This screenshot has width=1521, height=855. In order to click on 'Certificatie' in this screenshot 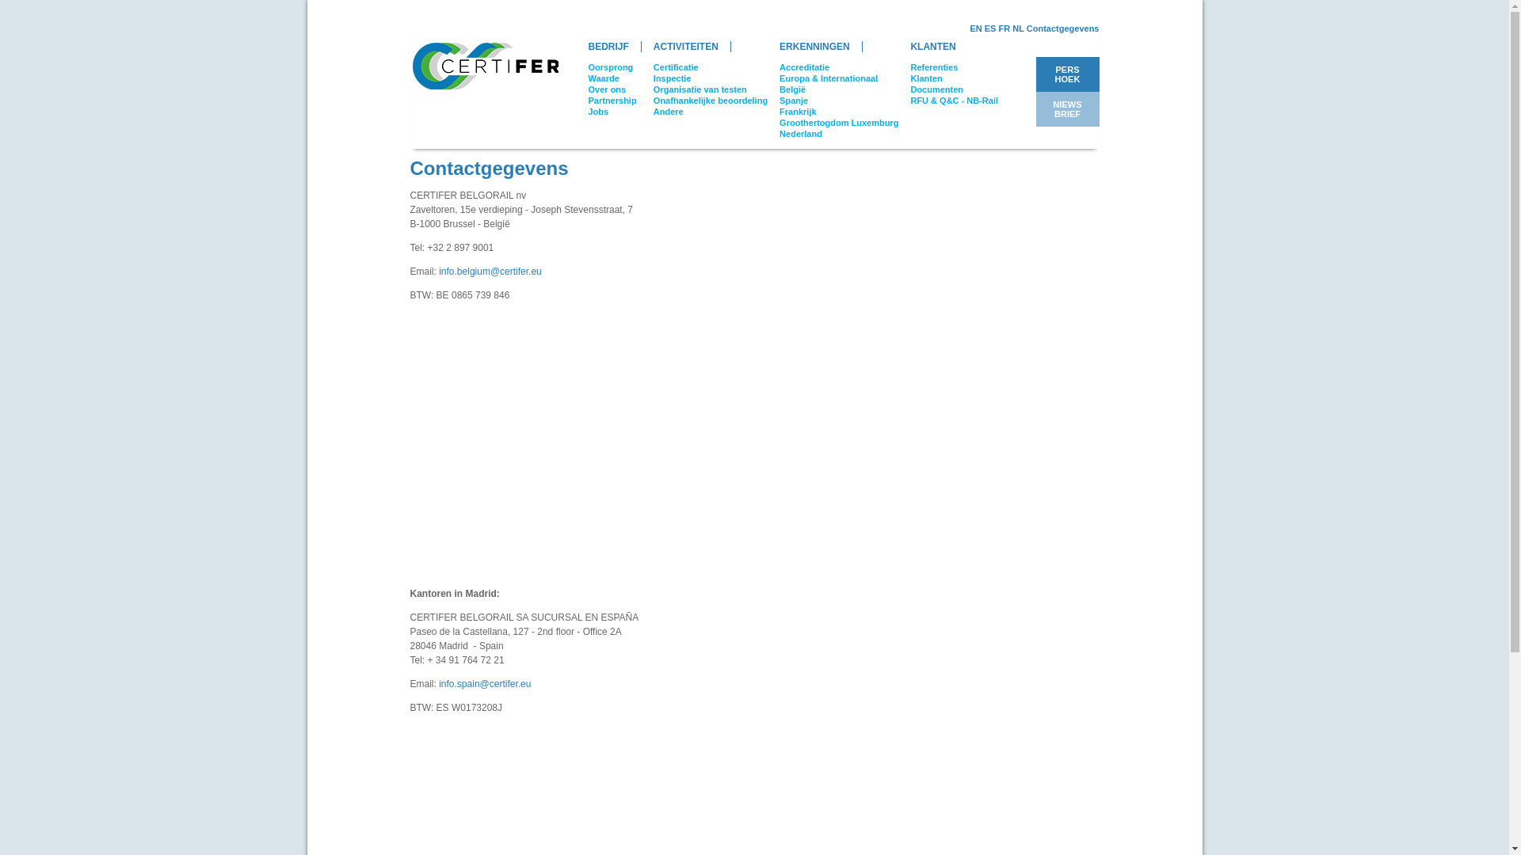, I will do `click(676, 66)`.